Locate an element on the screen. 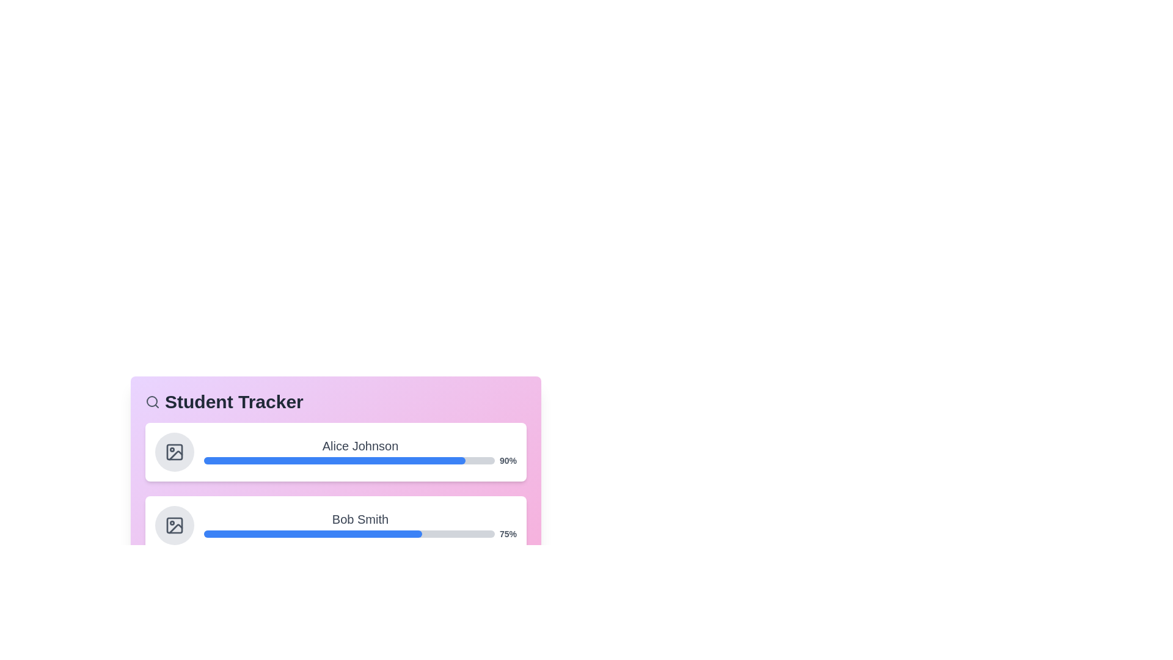  the progress bar of Bob Smith to view additional information is located at coordinates (348, 533).